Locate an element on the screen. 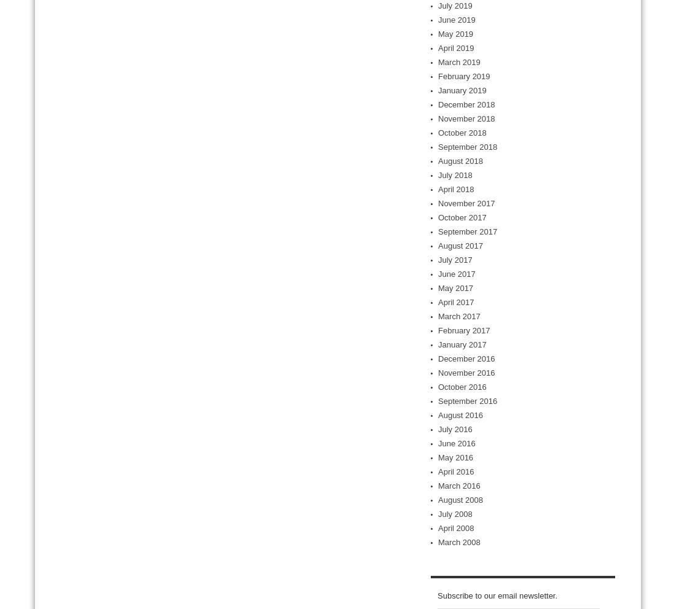  'November 2017' is located at coordinates (466, 203).